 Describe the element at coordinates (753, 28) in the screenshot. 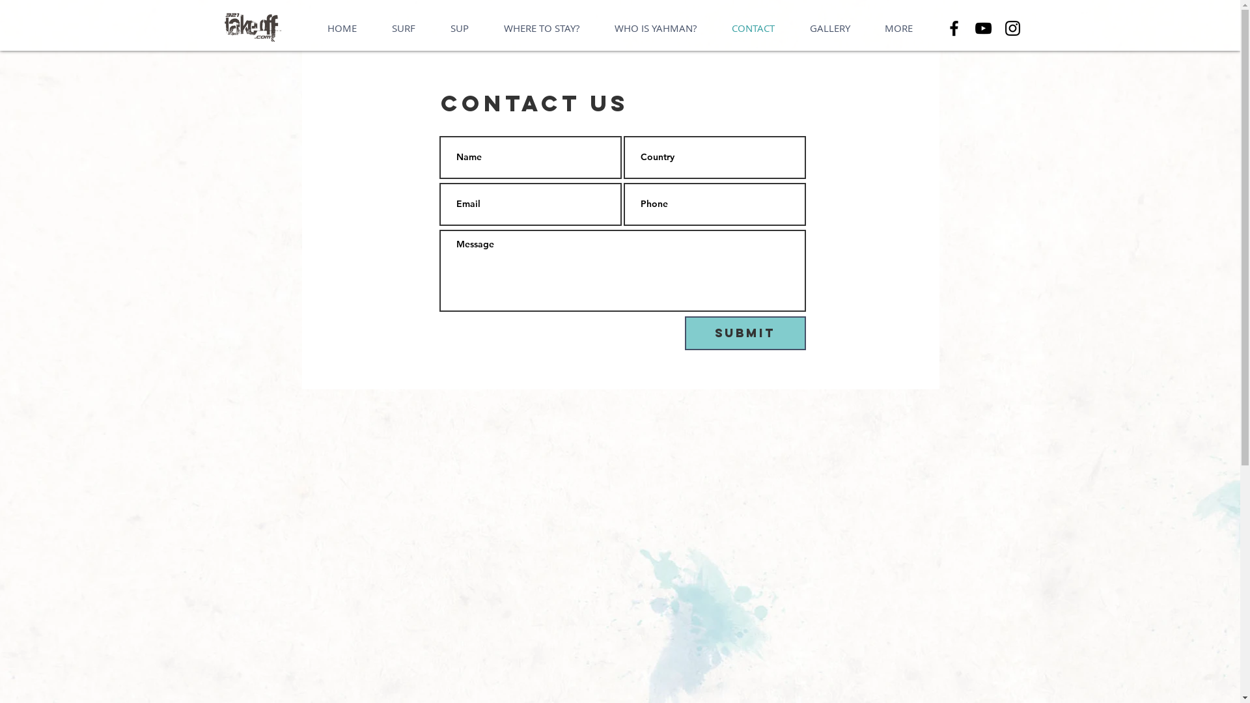

I see `'CONTACT'` at that location.